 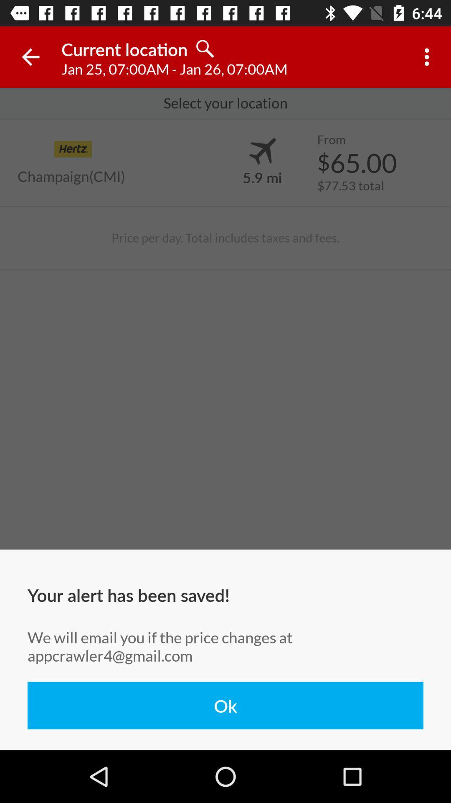 I want to click on icon above $65.00 icon, so click(x=331, y=140).